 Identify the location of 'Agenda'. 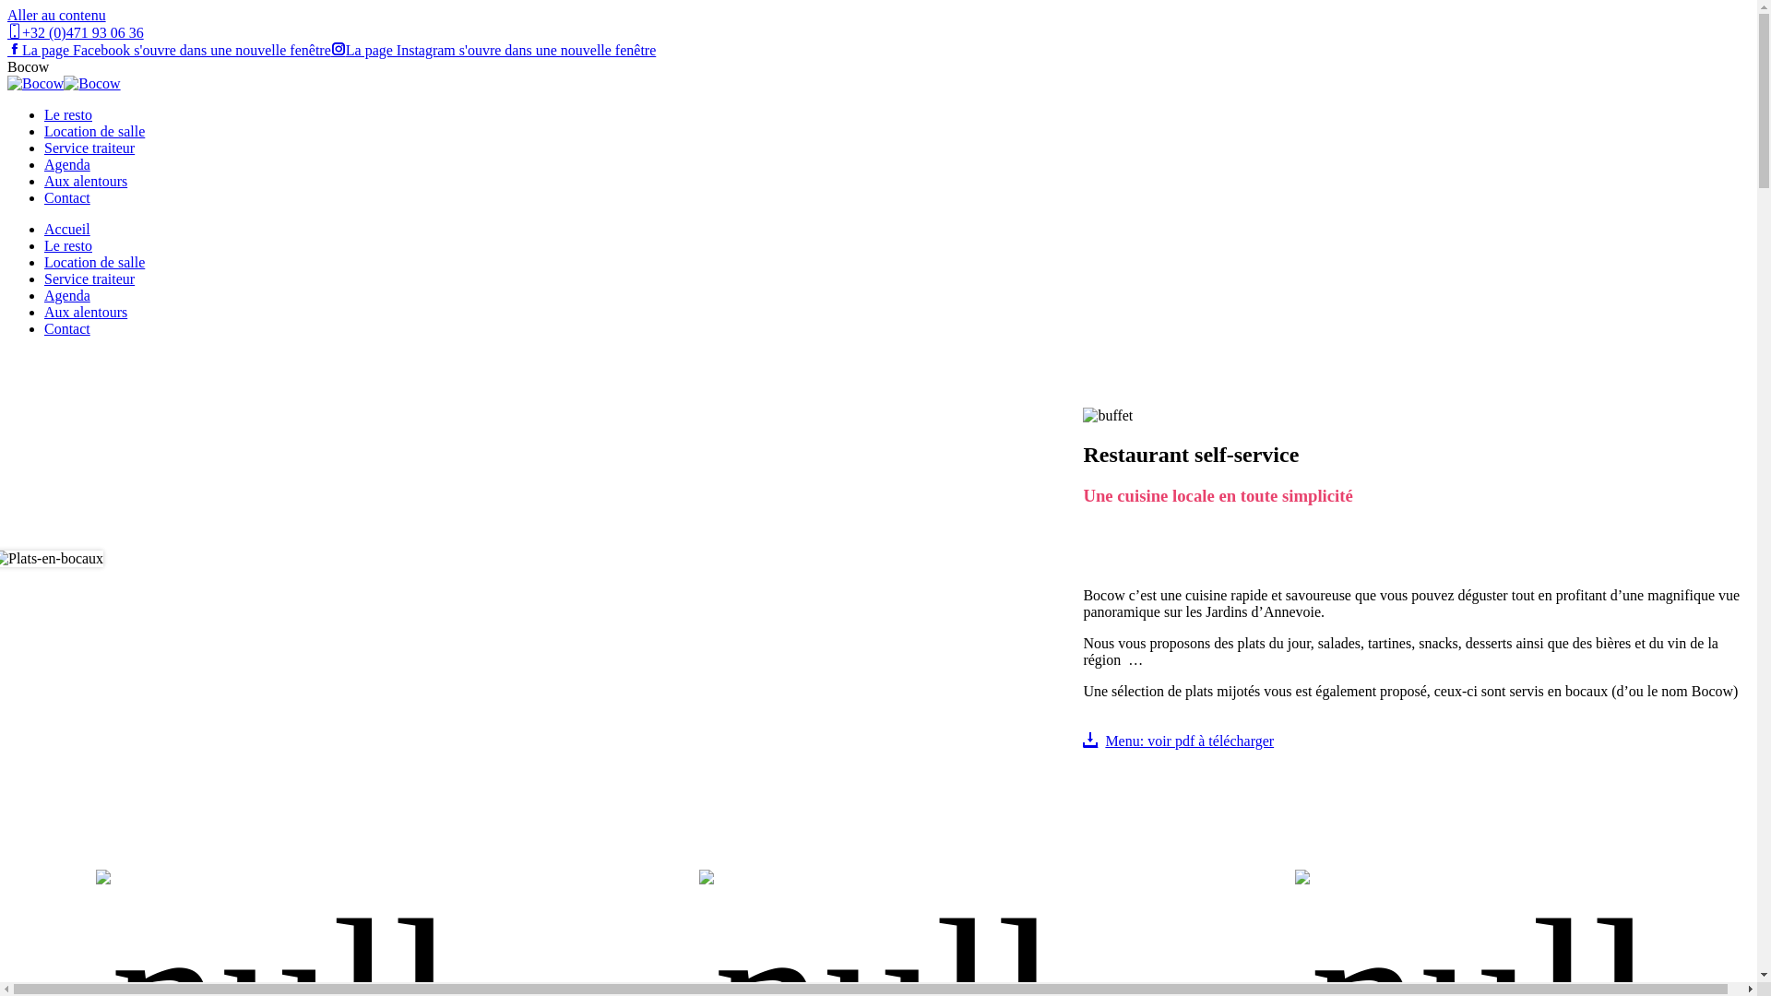
(66, 294).